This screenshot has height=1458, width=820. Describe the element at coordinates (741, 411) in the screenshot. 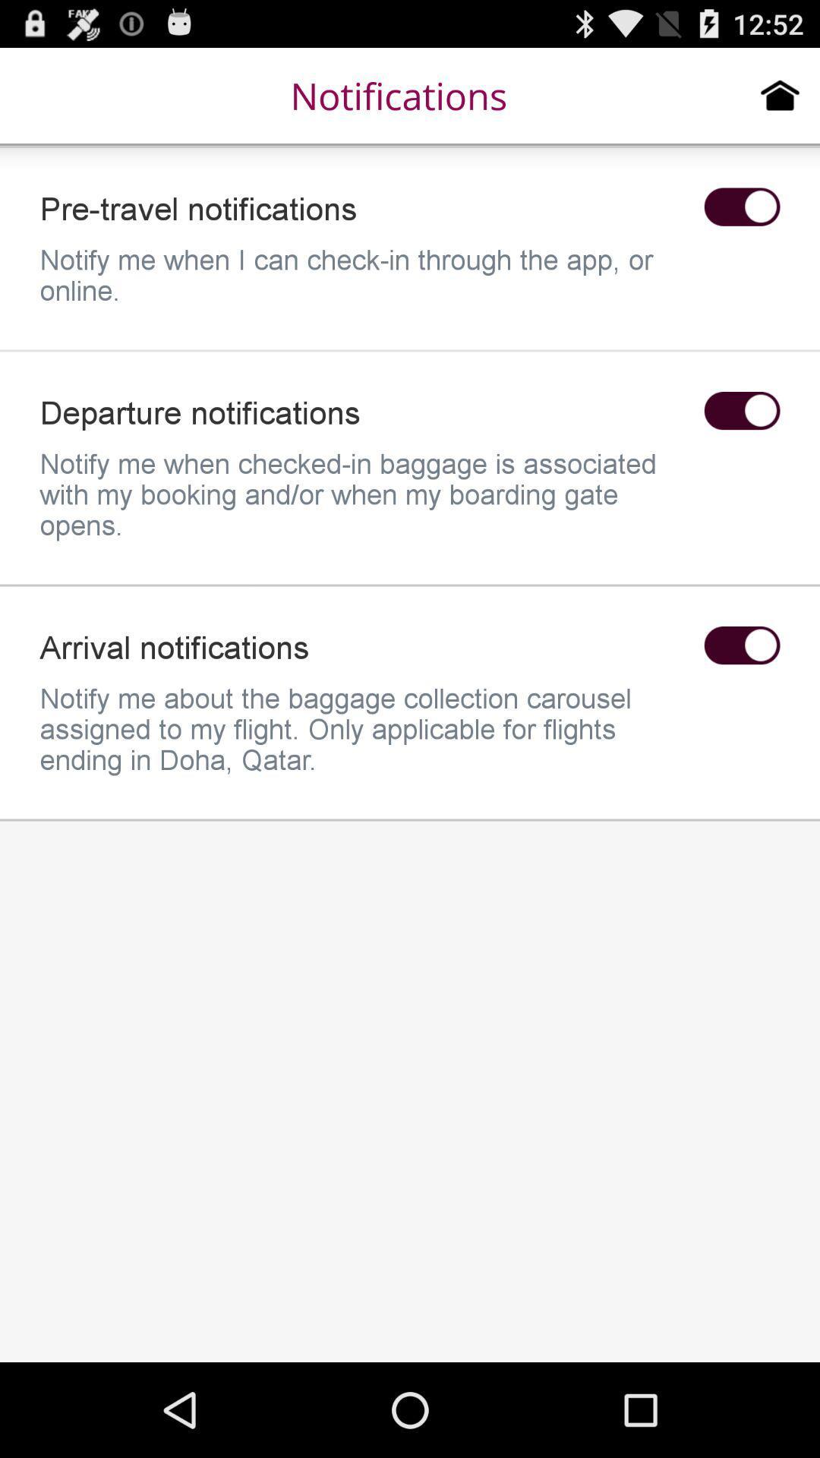

I see `enable/disable` at that location.